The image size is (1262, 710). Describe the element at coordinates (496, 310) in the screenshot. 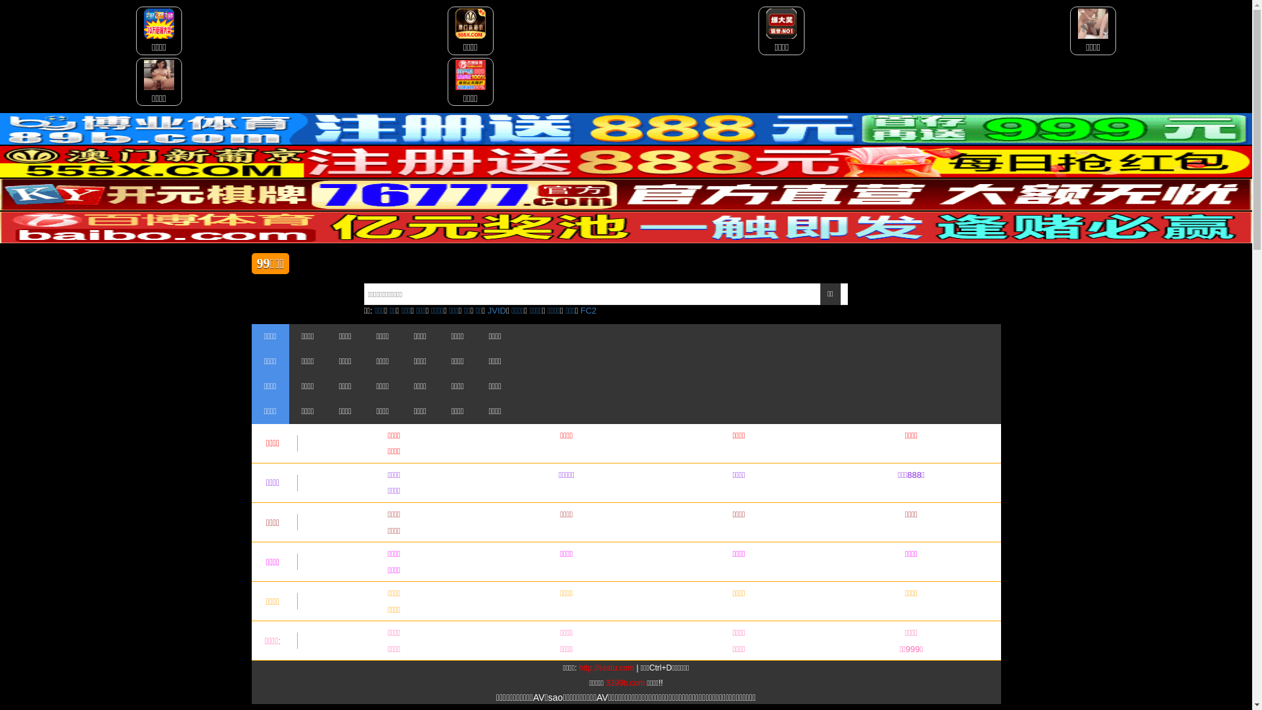

I see `'JVID'` at that location.